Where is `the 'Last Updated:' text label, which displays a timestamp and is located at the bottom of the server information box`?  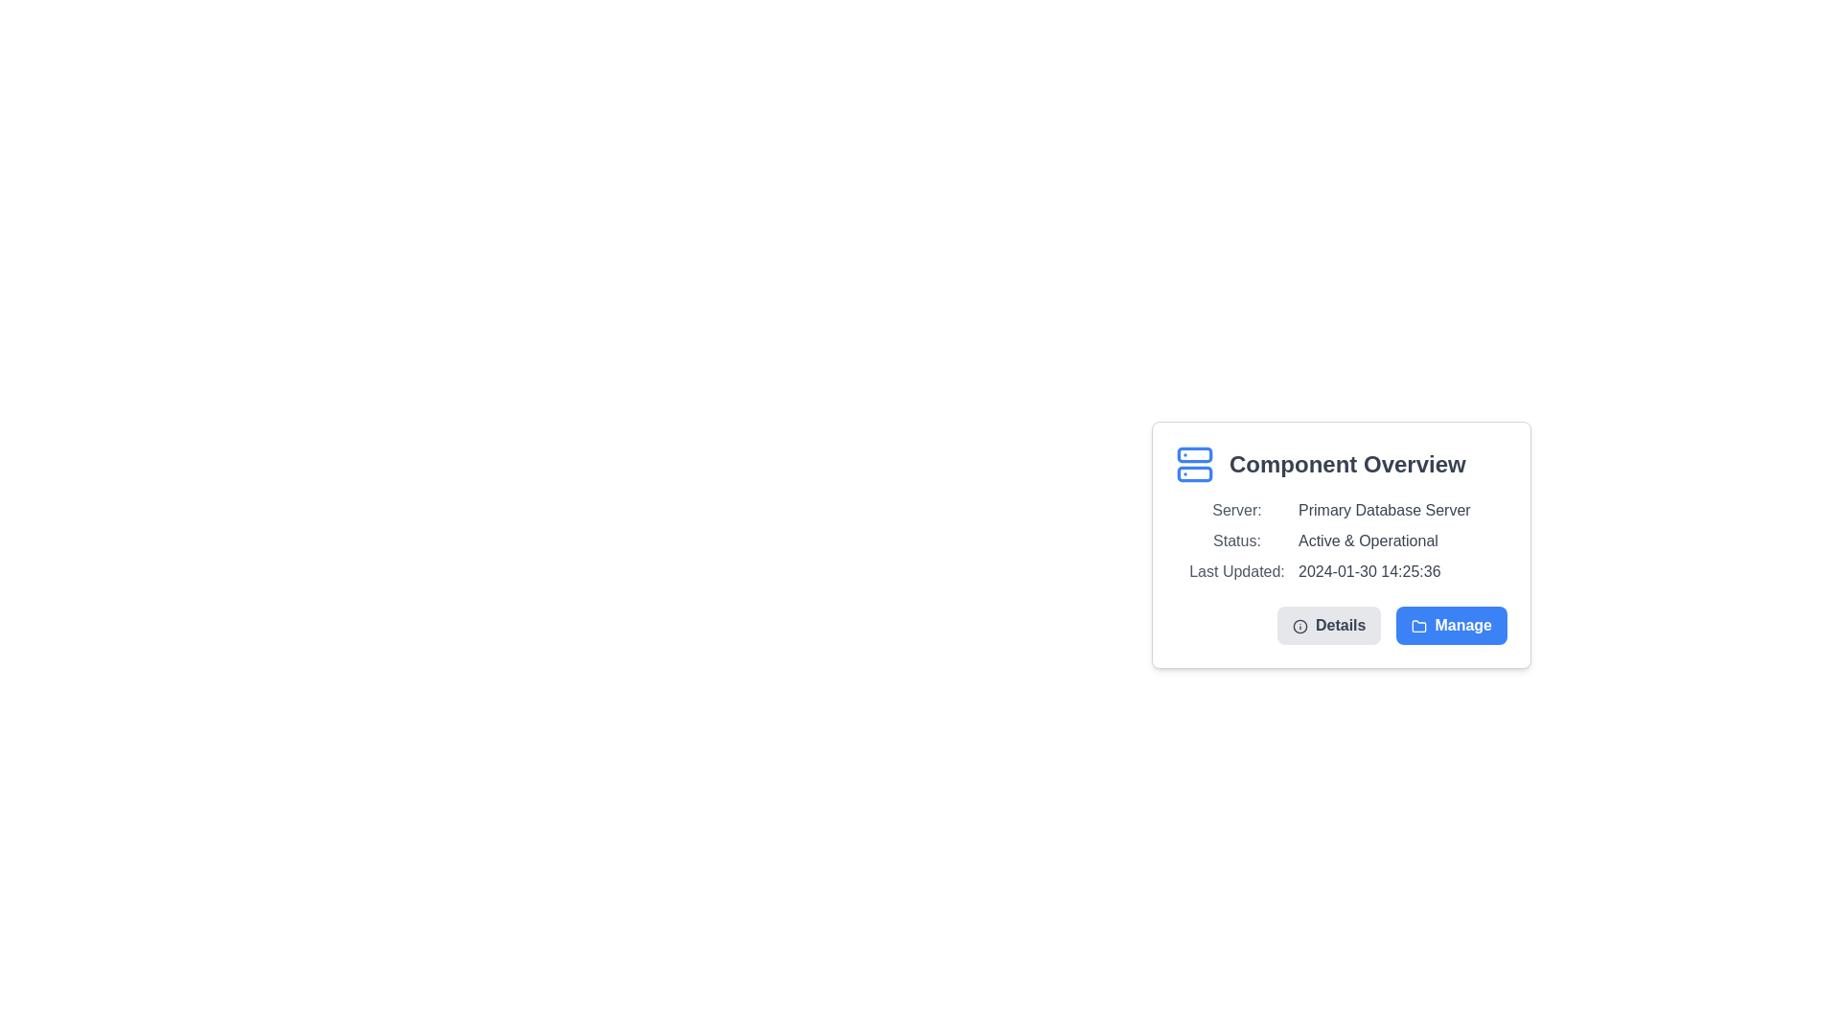 the 'Last Updated:' text label, which displays a timestamp and is located at the bottom of the server information box is located at coordinates (1341, 571).